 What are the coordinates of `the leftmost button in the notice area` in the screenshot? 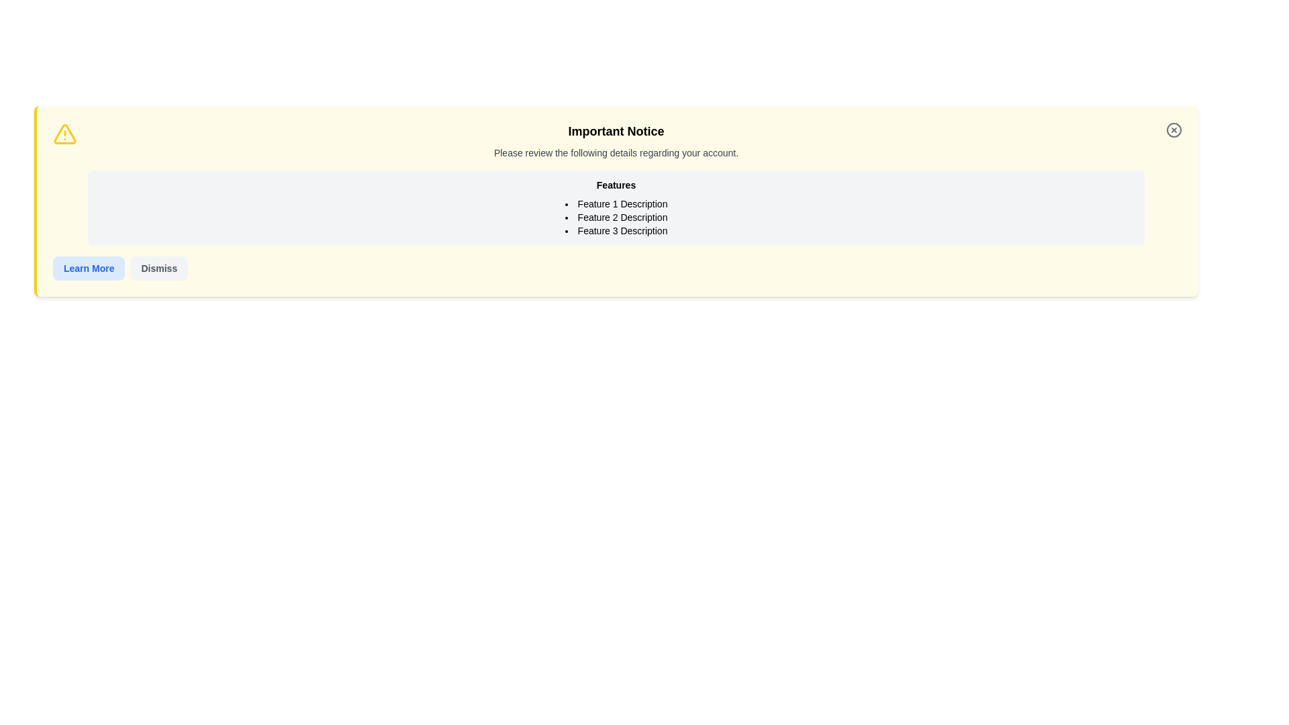 It's located at (88, 269).